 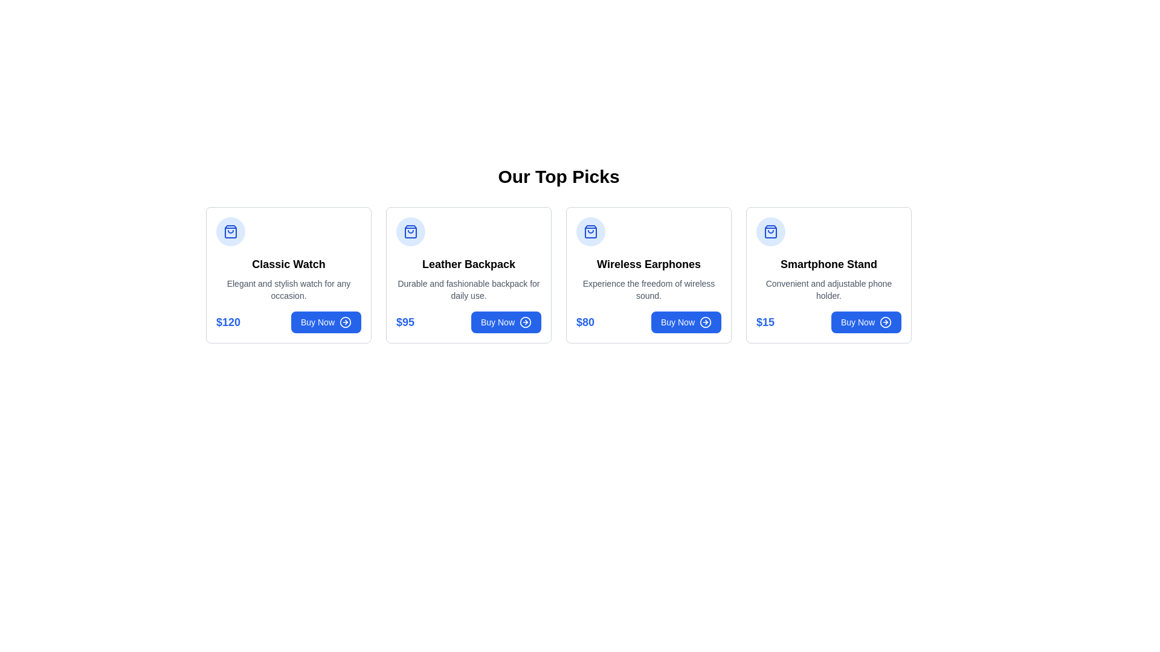 I want to click on the shopping bag icon located at the top center of the 'Classic Watch' card, which is directly above the product title, so click(x=231, y=232).